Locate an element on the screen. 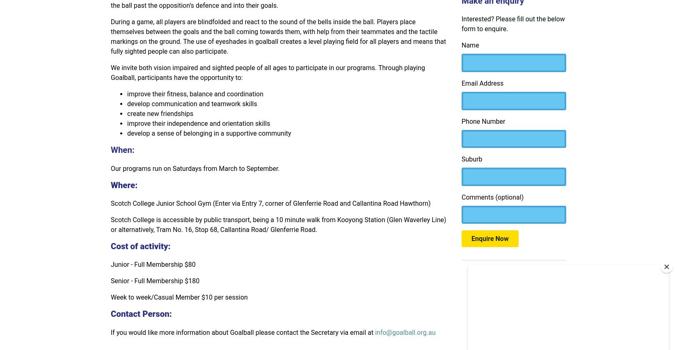 The width and height of the screenshot is (677, 350). 'info@goalball.org.au' is located at coordinates (405, 332).